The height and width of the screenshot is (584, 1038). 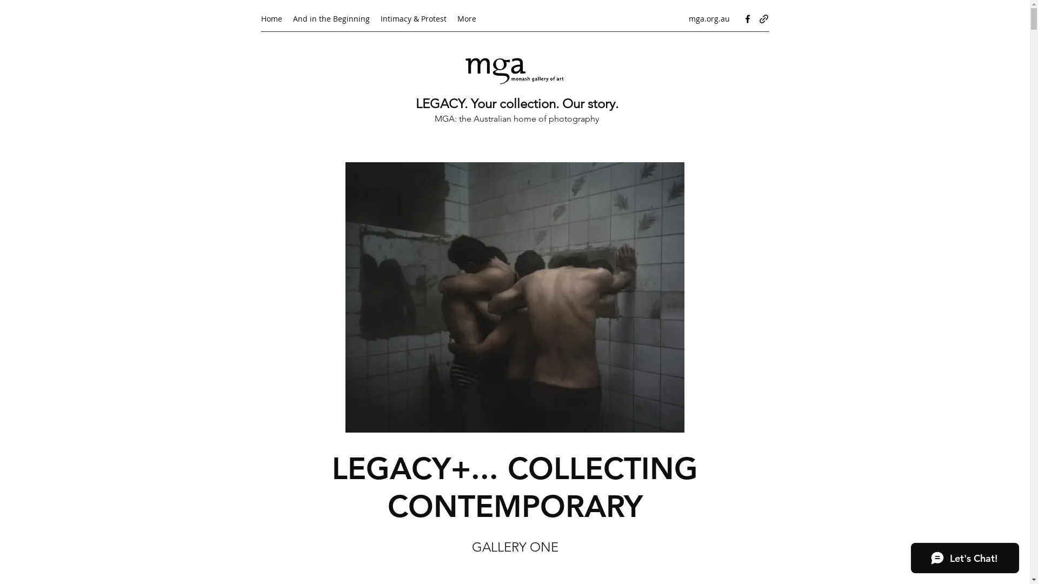 What do you see at coordinates (412, 18) in the screenshot?
I see `'Intimacy & Protest'` at bounding box center [412, 18].